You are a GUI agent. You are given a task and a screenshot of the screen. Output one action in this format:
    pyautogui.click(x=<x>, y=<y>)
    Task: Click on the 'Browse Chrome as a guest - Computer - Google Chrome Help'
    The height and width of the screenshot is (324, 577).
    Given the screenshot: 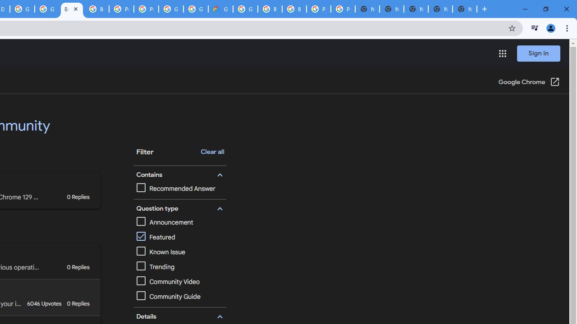 What is the action you would take?
    pyautogui.click(x=96, y=9)
    